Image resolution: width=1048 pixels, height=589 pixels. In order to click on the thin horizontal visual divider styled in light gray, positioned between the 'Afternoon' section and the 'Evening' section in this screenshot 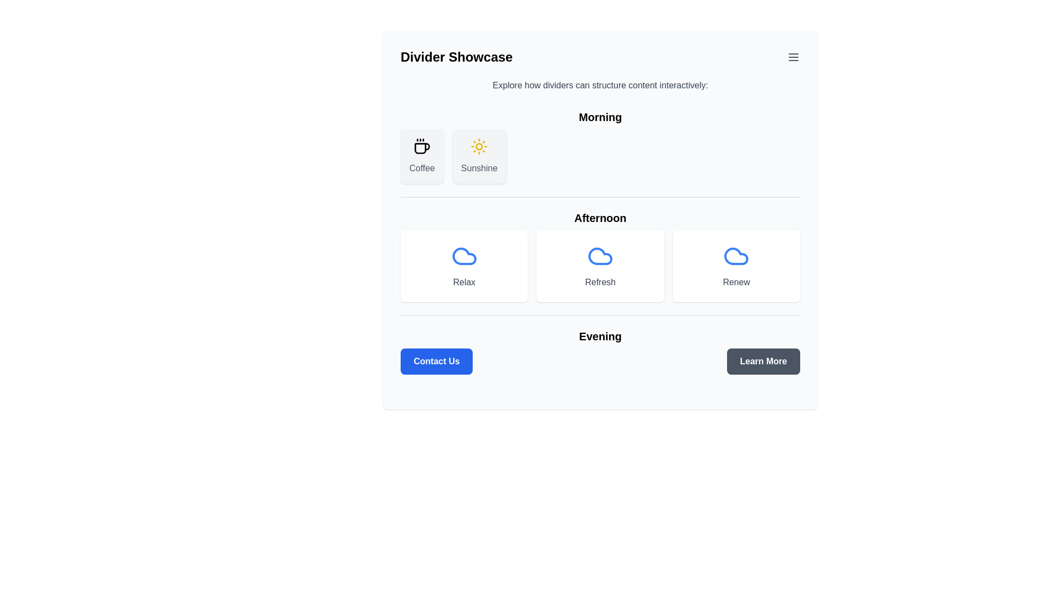, I will do `click(599, 315)`.